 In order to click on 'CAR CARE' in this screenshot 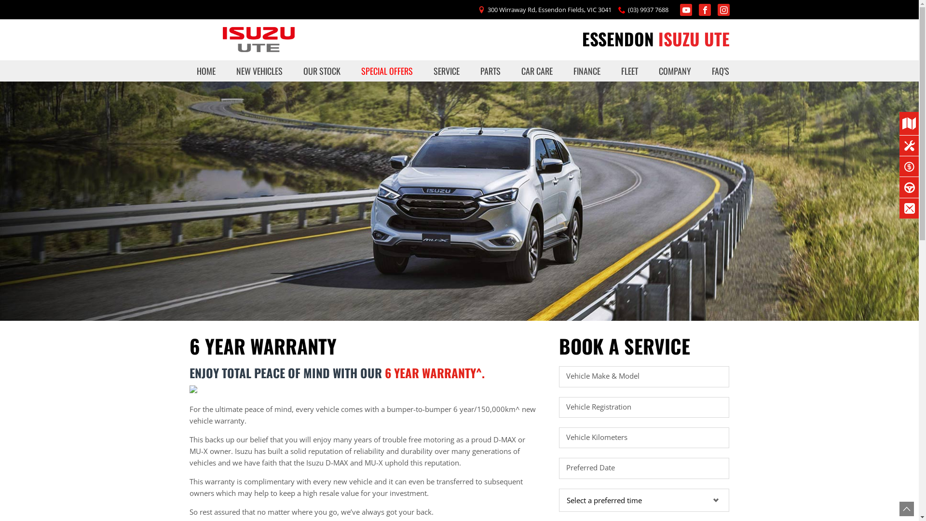, I will do `click(536, 70)`.